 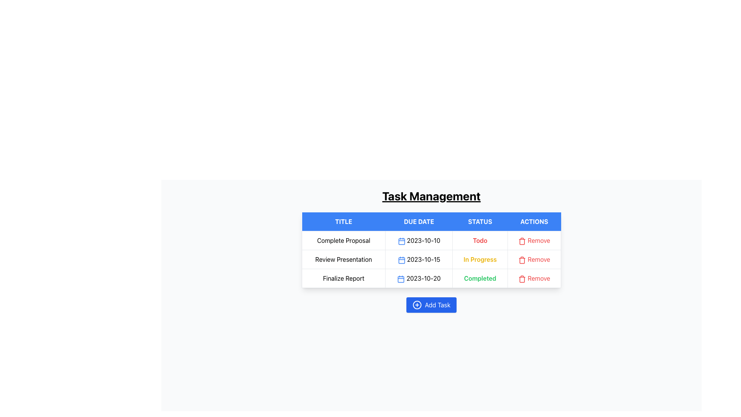 I want to click on the status indicator text label in the 'STATUS' column of the second row in the 'Task Management' table, which shows that the 'Review Presentation' task is currently ongoing, so click(x=480, y=259).